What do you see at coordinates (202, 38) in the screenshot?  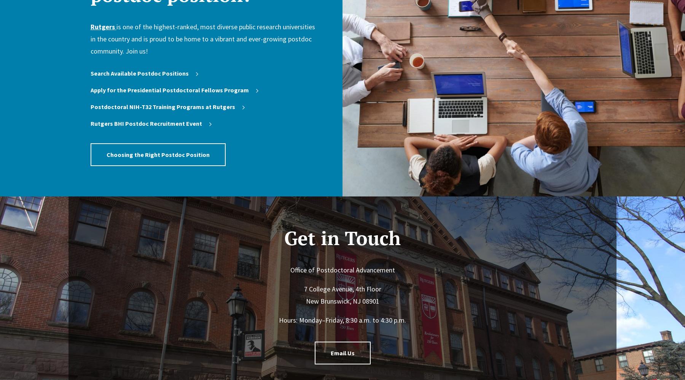 I see `'is one of the highest-ranked, most diverse public research universities in the country and is proud to be home to a vibrant and ever-growing postdoc community. Join us!'` at bounding box center [202, 38].